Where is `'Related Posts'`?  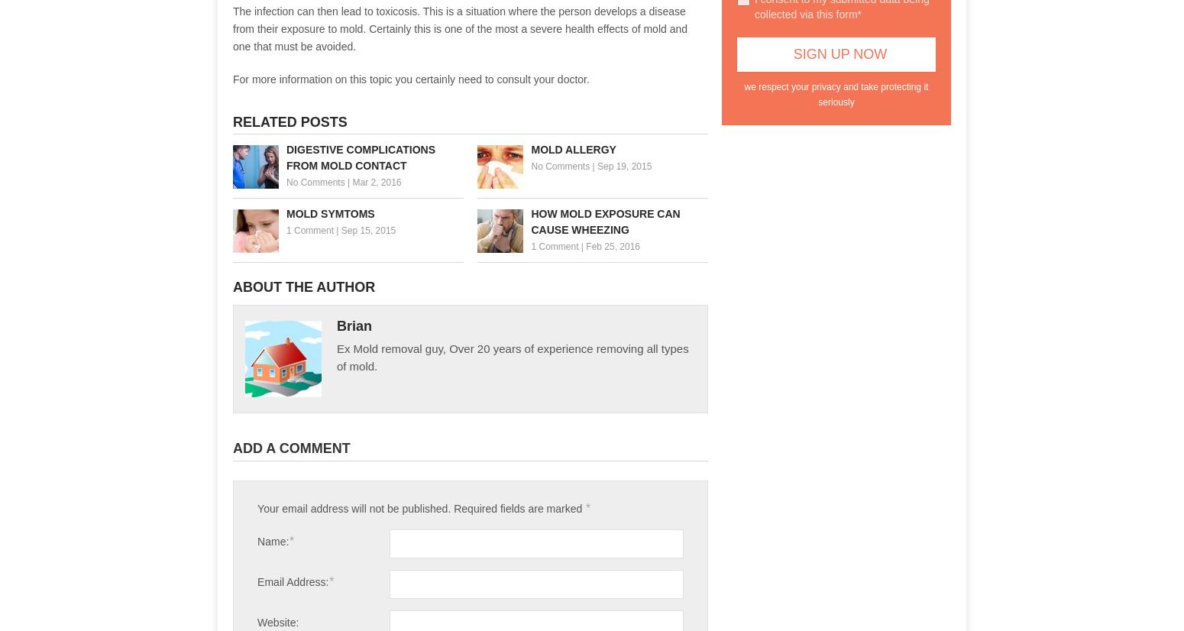
'Related Posts' is located at coordinates (289, 121).